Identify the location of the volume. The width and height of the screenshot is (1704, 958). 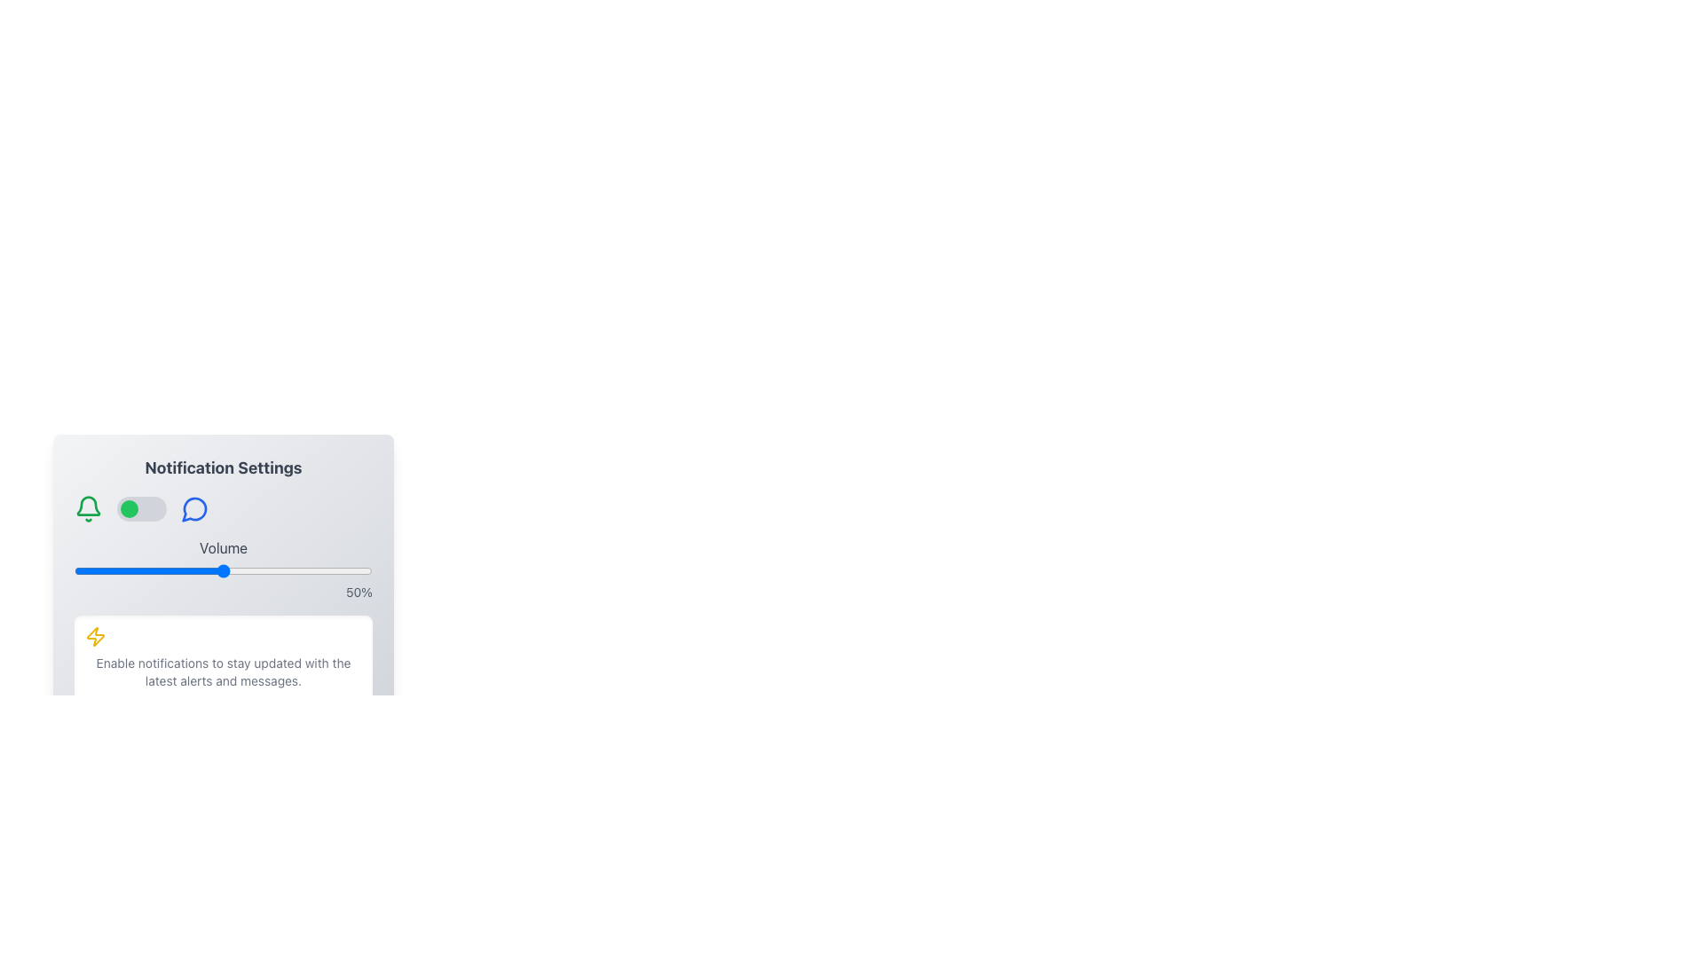
(213, 571).